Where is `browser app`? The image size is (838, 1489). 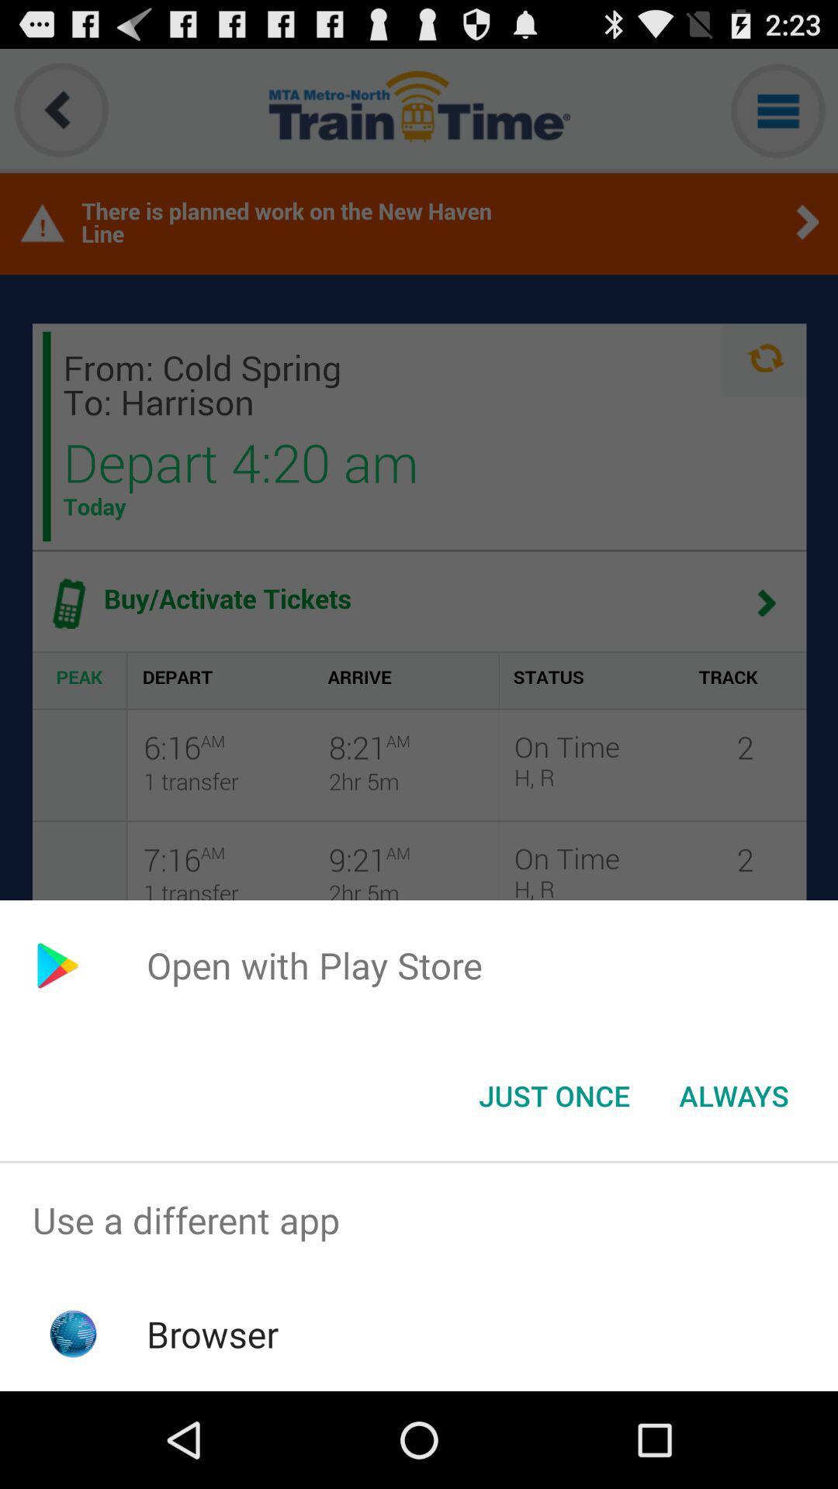
browser app is located at coordinates (213, 1333).